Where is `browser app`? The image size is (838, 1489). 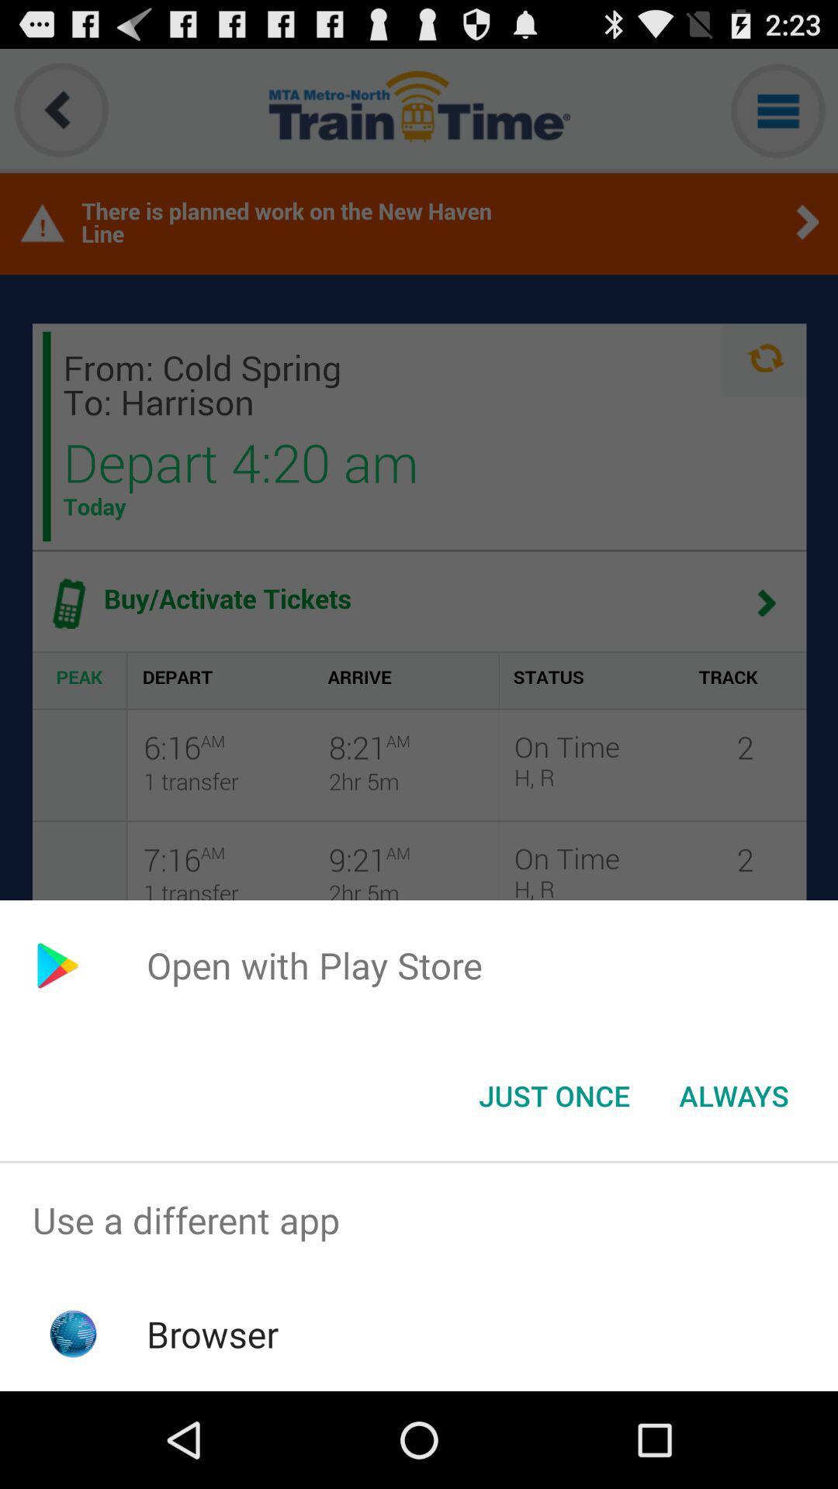
browser app is located at coordinates (213, 1333).